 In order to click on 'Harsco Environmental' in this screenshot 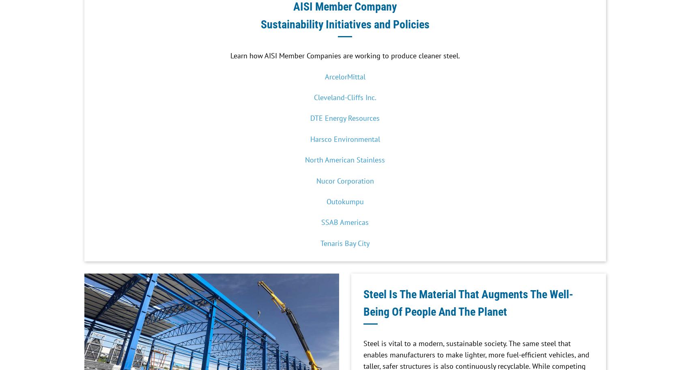, I will do `click(344, 139)`.